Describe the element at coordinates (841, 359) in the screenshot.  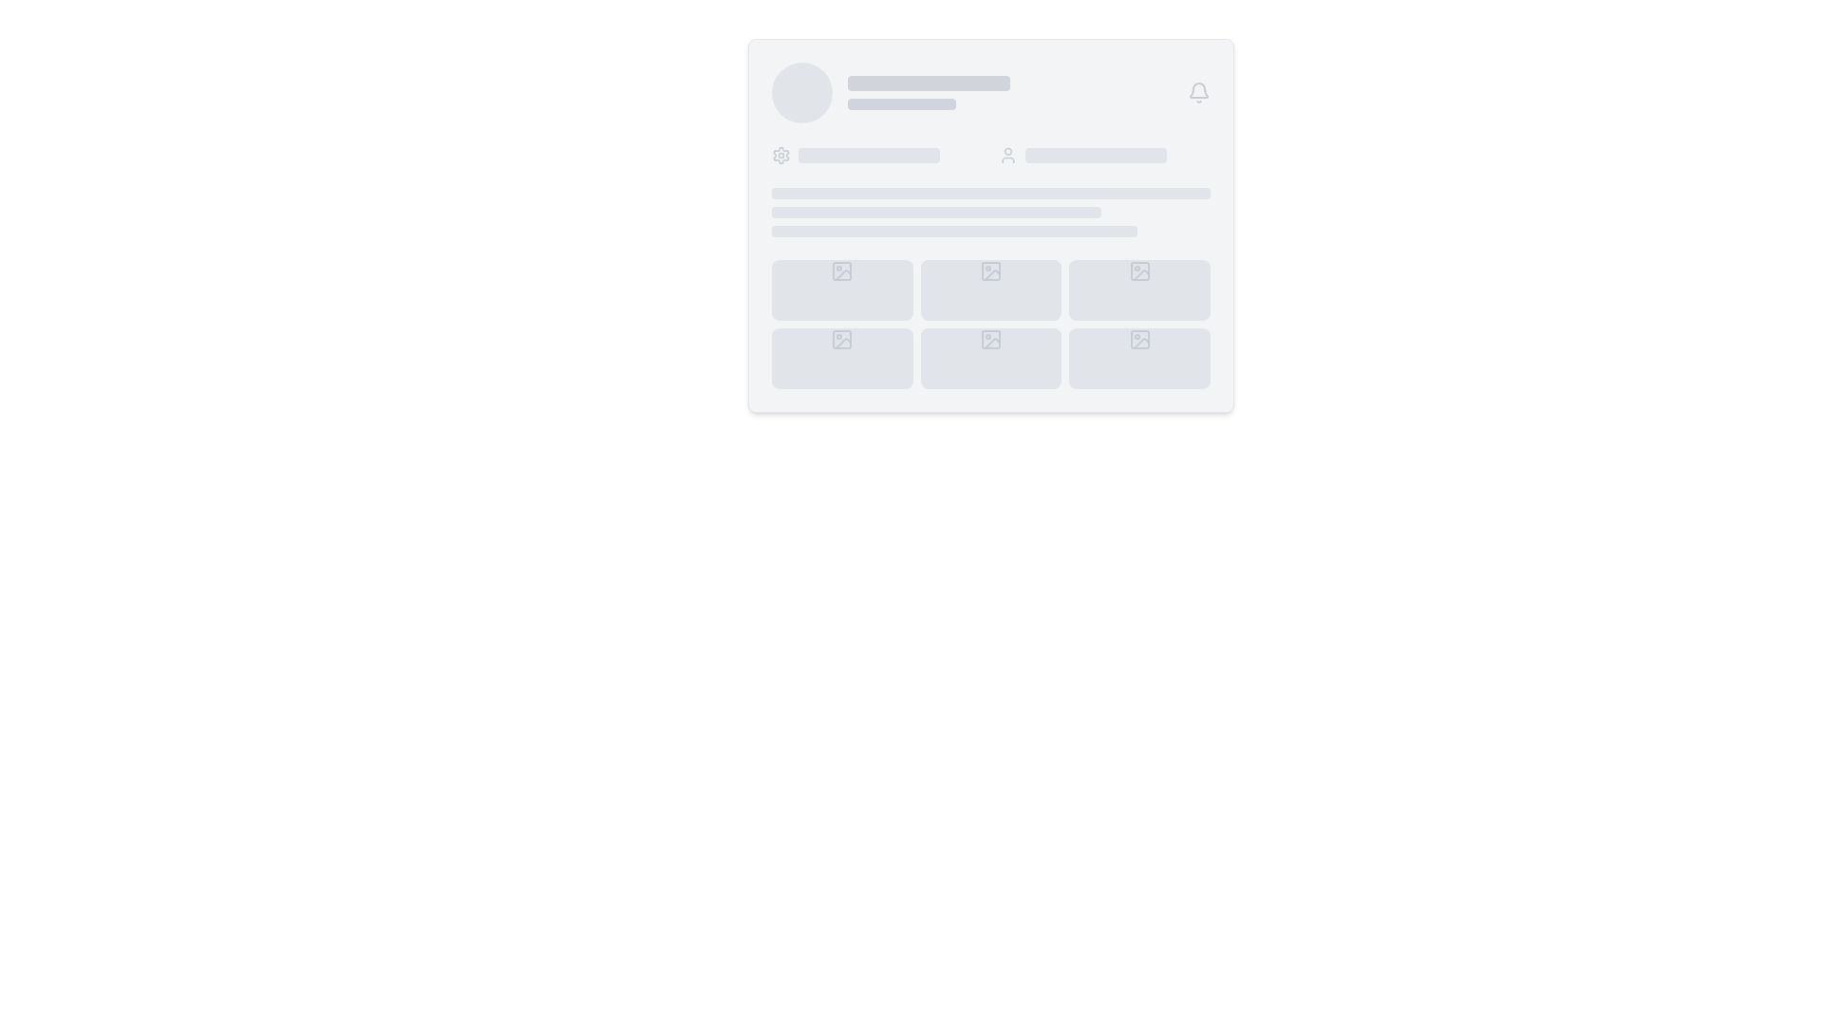
I see `the Image Placeholder located in the second row of a three-column grid layout, which indicates an area for an image display` at that location.